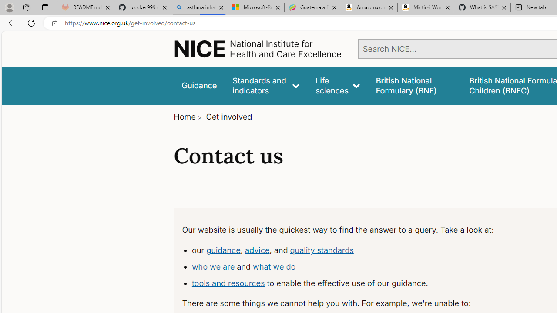  What do you see at coordinates (228, 283) in the screenshot?
I see `'tools and resources'` at bounding box center [228, 283].